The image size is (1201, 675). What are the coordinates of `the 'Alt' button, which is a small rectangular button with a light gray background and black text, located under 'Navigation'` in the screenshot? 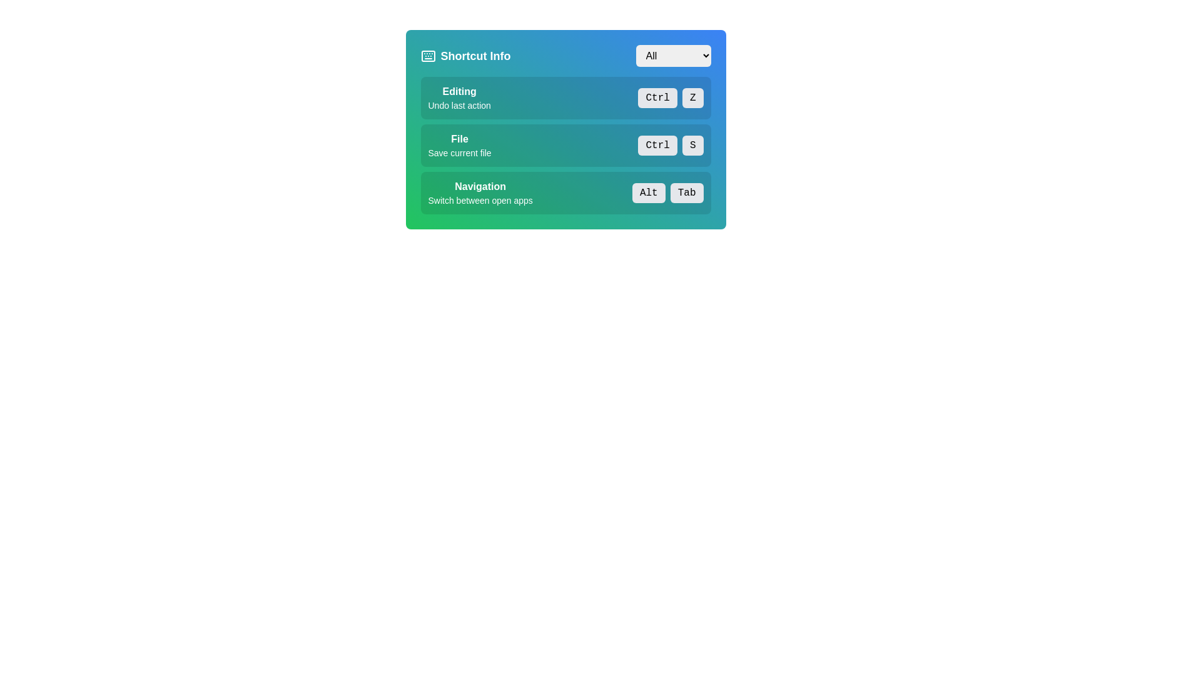 It's located at (649, 192).